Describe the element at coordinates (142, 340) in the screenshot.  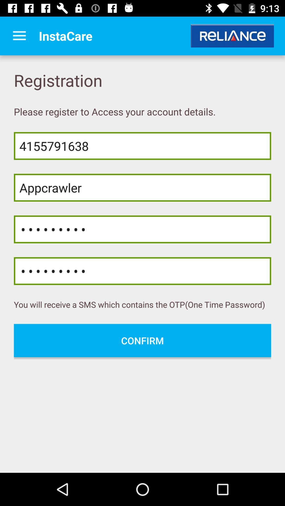
I see `item below you will receive item` at that location.